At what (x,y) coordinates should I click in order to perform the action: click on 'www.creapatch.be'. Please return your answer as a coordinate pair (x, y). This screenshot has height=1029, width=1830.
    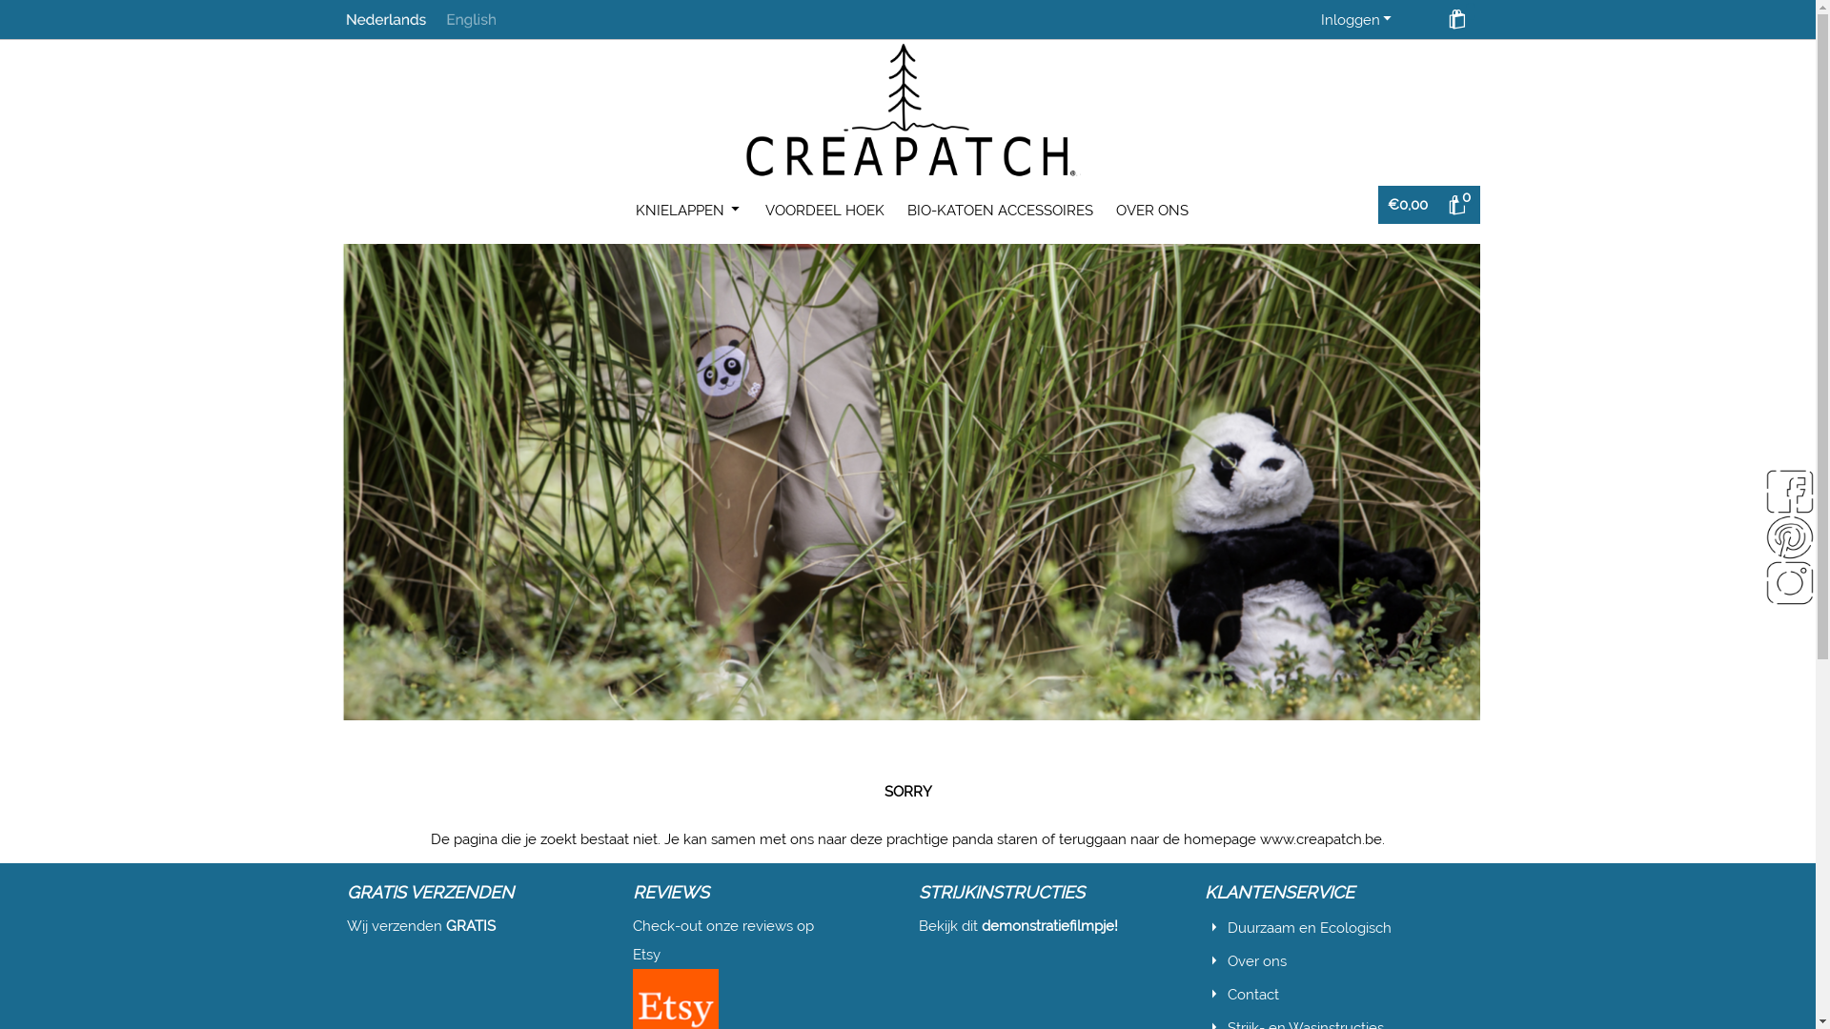
    Looking at the image, I should click on (1320, 837).